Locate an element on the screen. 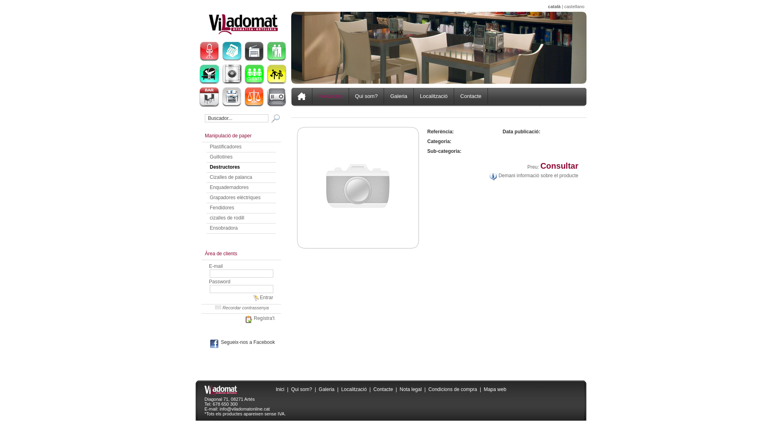  'Equips audiovisuals' is located at coordinates (276, 97).